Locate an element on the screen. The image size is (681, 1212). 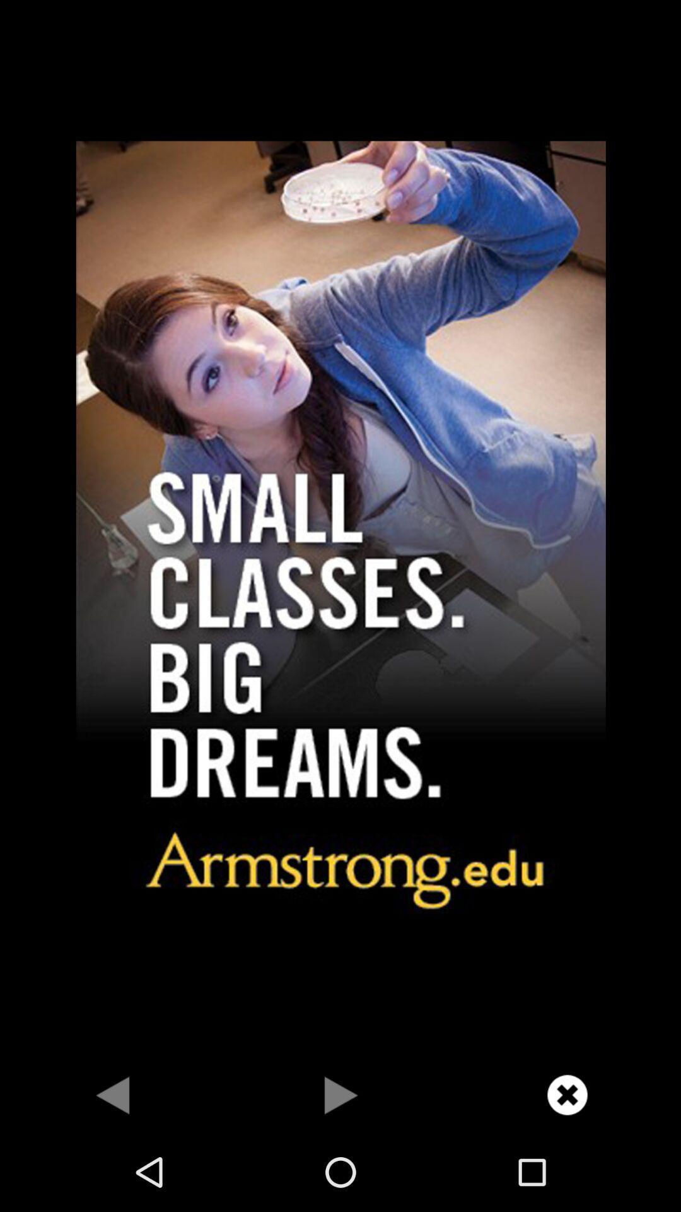
image icon is located at coordinates (340, 528).